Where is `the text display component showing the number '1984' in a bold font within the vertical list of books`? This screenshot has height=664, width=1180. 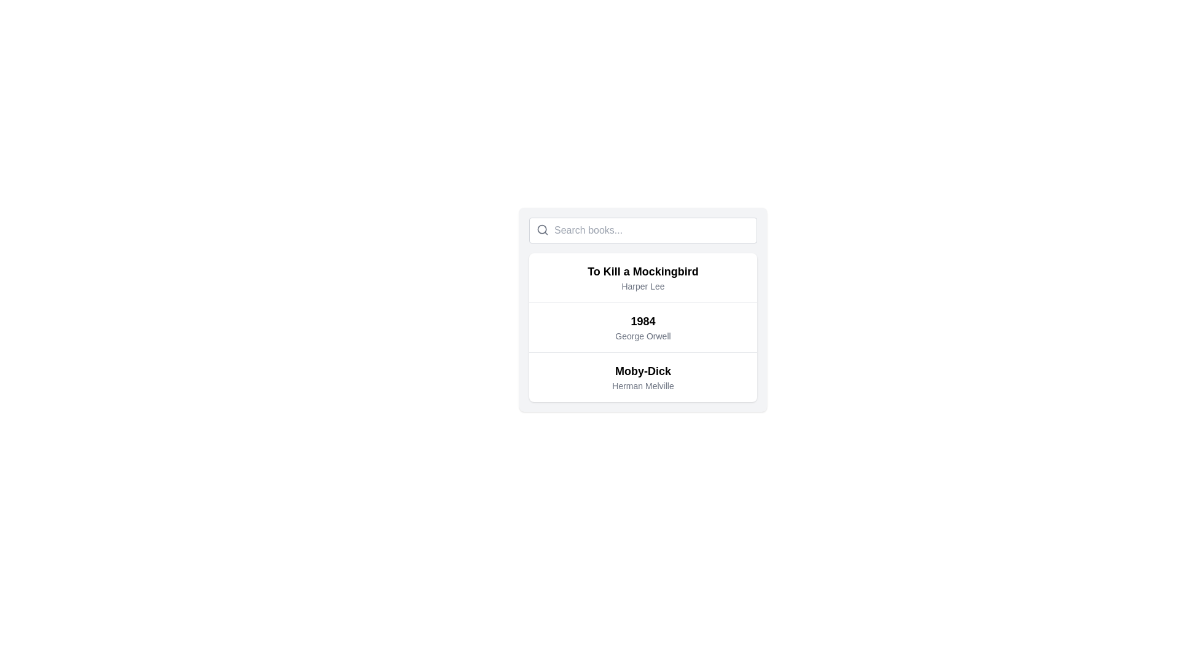 the text display component showing the number '1984' in a bold font within the vertical list of books is located at coordinates (642, 321).